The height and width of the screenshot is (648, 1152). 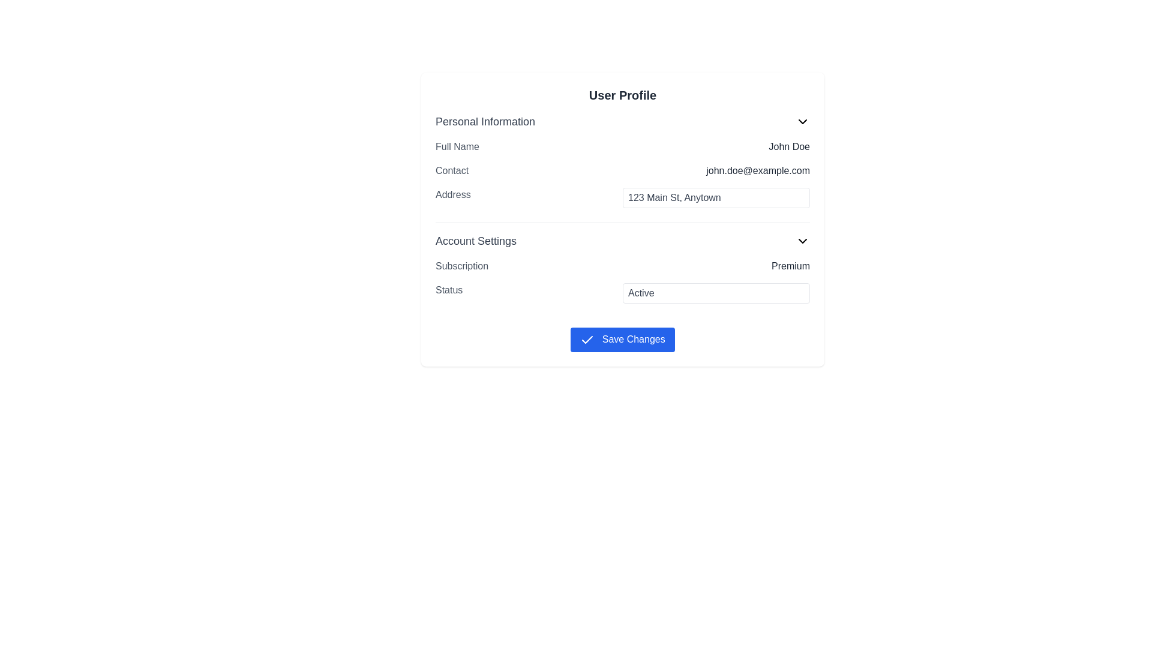 What do you see at coordinates (789, 146) in the screenshot?
I see `the static text element displaying the name 'John Doe', which is emphasized and aligned to the right within the 'Personal Information' section of the user profile` at bounding box center [789, 146].